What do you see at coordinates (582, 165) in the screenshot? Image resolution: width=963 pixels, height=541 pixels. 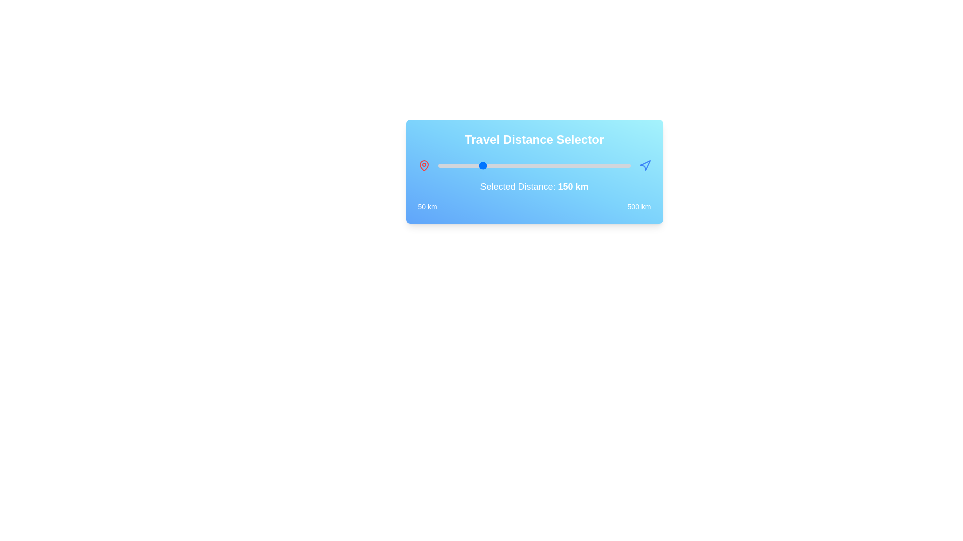 I see `the slider to set the distance to 387 km` at bounding box center [582, 165].